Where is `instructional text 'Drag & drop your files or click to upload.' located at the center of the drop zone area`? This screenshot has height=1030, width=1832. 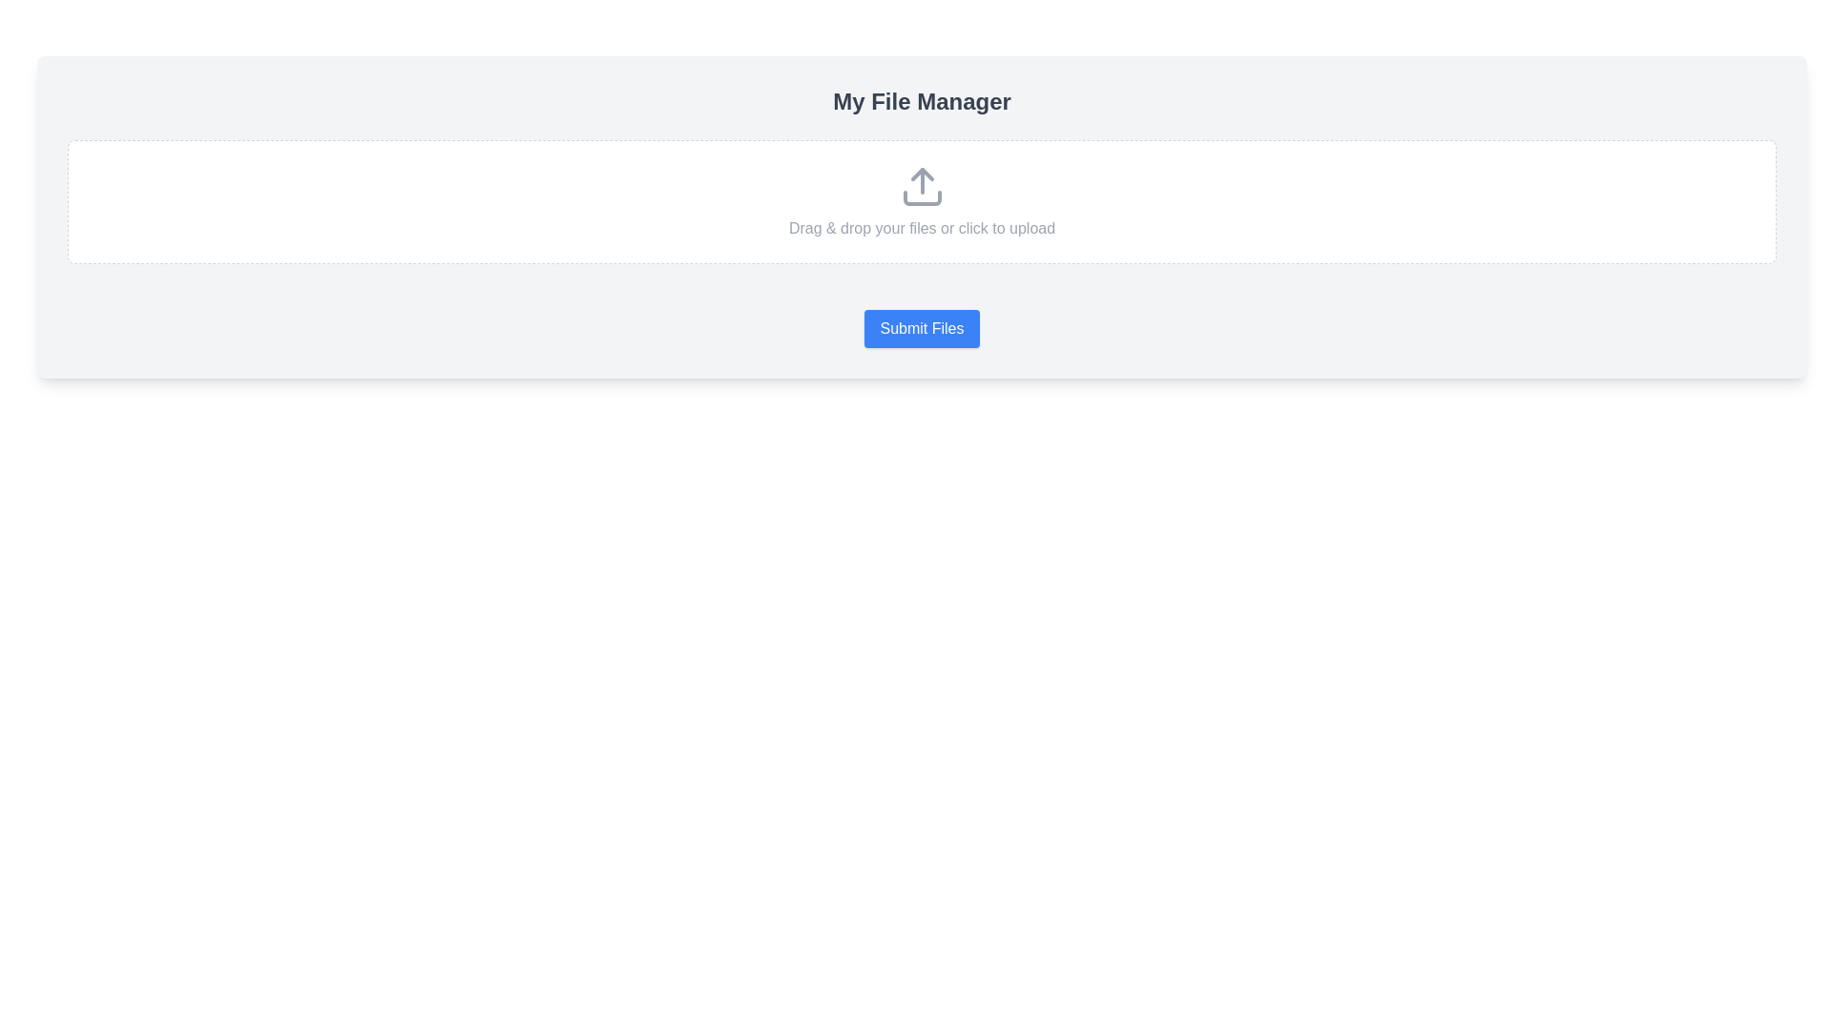 instructional text 'Drag & drop your files or click to upload.' located at the center of the drop zone area is located at coordinates (922, 227).